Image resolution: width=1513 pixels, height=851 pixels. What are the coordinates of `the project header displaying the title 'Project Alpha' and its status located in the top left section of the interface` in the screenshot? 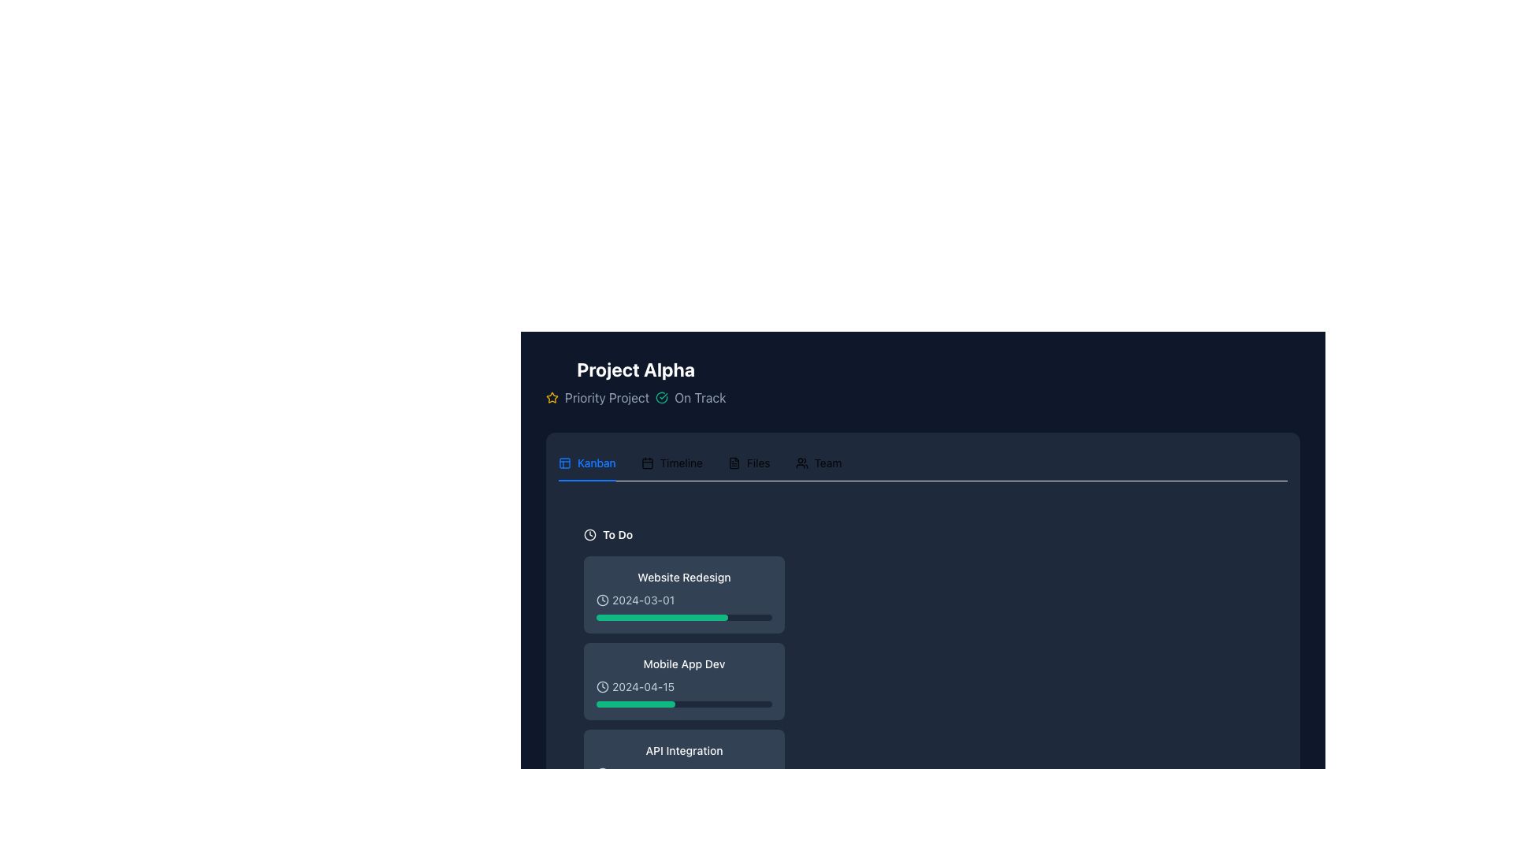 It's located at (636, 382).